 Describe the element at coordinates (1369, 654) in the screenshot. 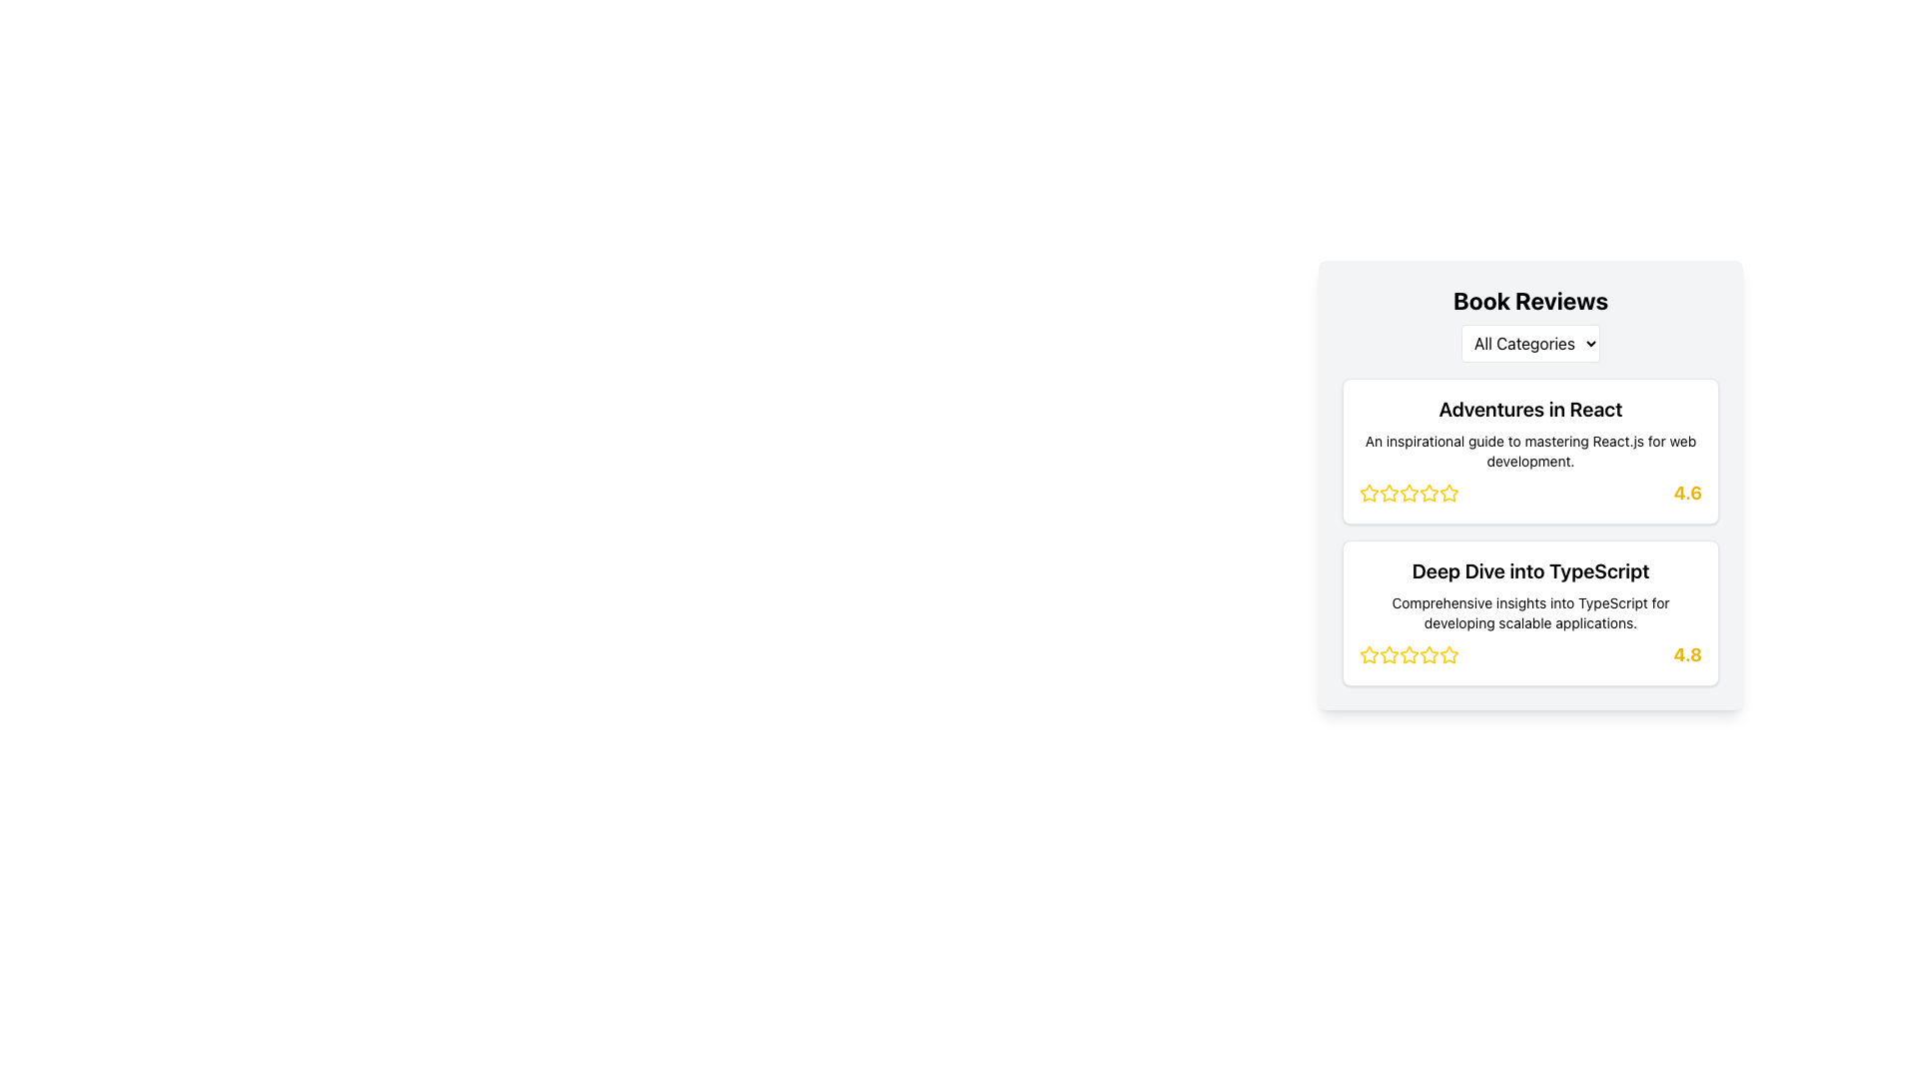

I see `the first star icon in the rating section of the second book review card located below the title 'Deep Dive into TypeScript'` at that location.